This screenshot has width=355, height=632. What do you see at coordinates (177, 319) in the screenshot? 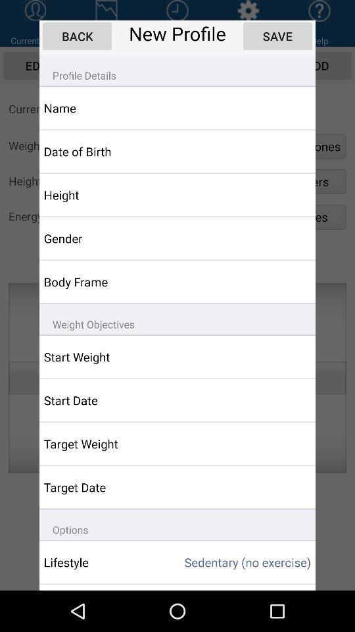
I see `weight objectives item` at bounding box center [177, 319].